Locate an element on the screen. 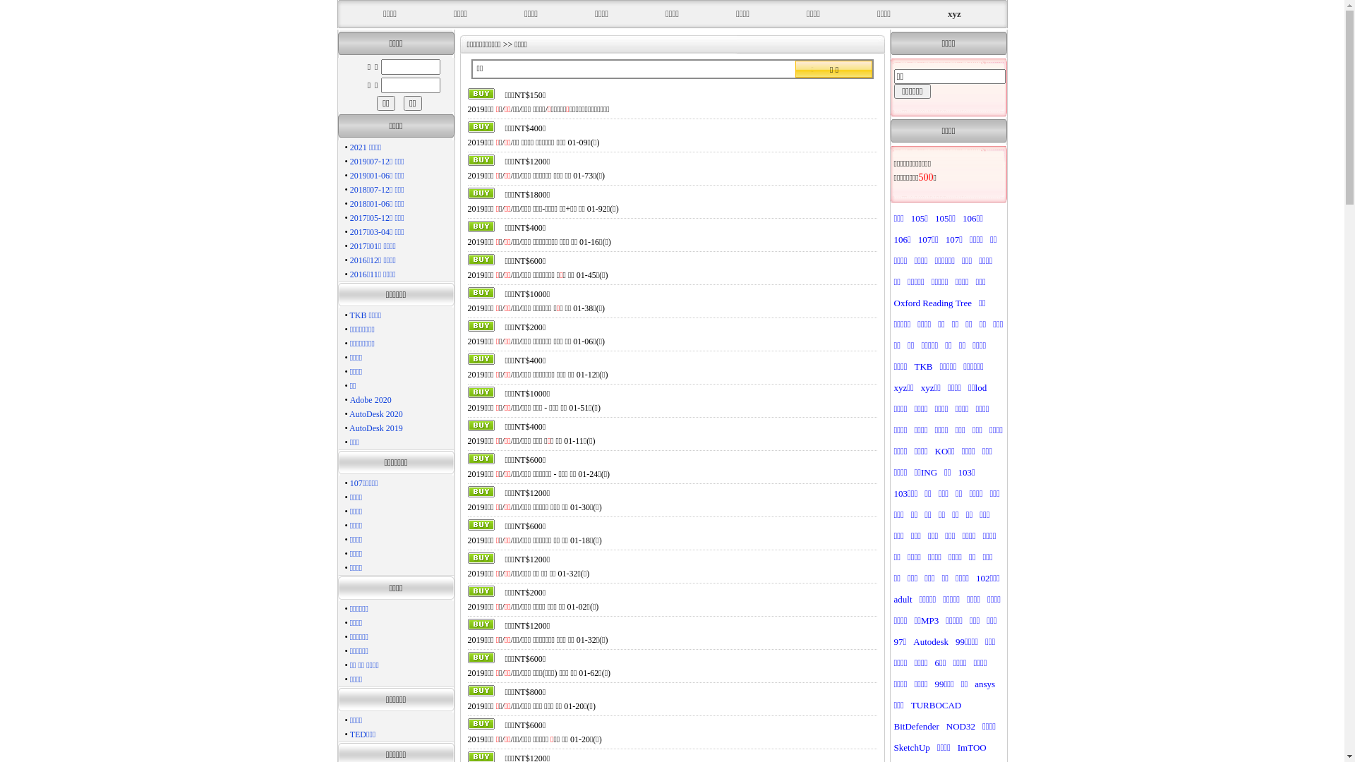 This screenshot has height=762, width=1355. 'ansys' is located at coordinates (984, 683).